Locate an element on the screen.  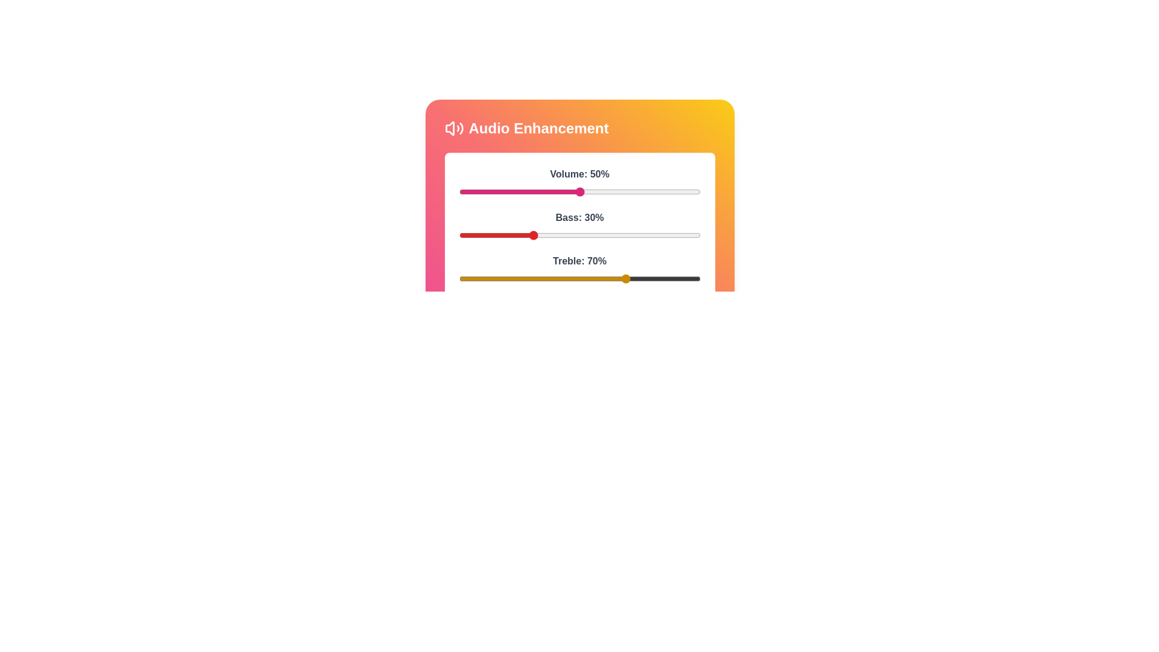
the volume is located at coordinates (480, 191).